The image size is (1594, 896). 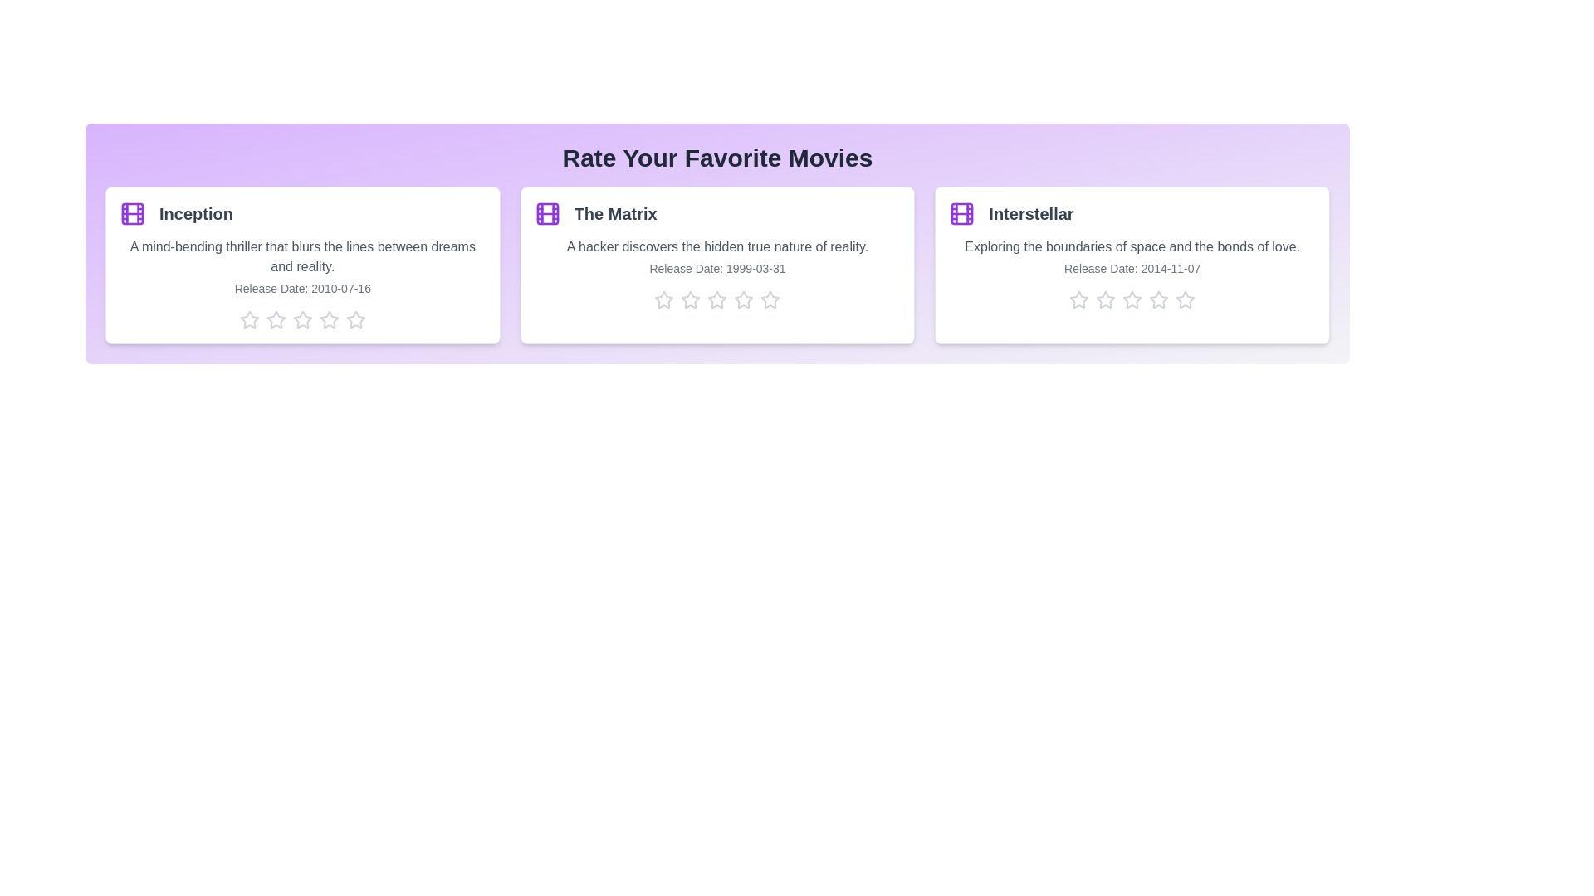 What do you see at coordinates (276, 319) in the screenshot?
I see `the star corresponding to 2 stars for the movie Inception` at bounding box center [276, 319].